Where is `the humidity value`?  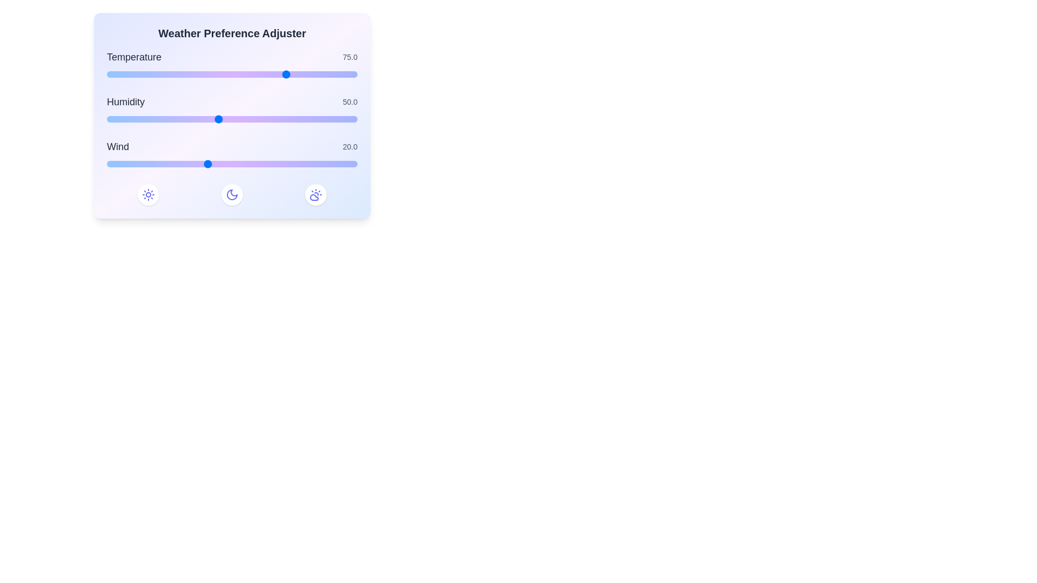
the humidity value is located at coordinates (296, 119).